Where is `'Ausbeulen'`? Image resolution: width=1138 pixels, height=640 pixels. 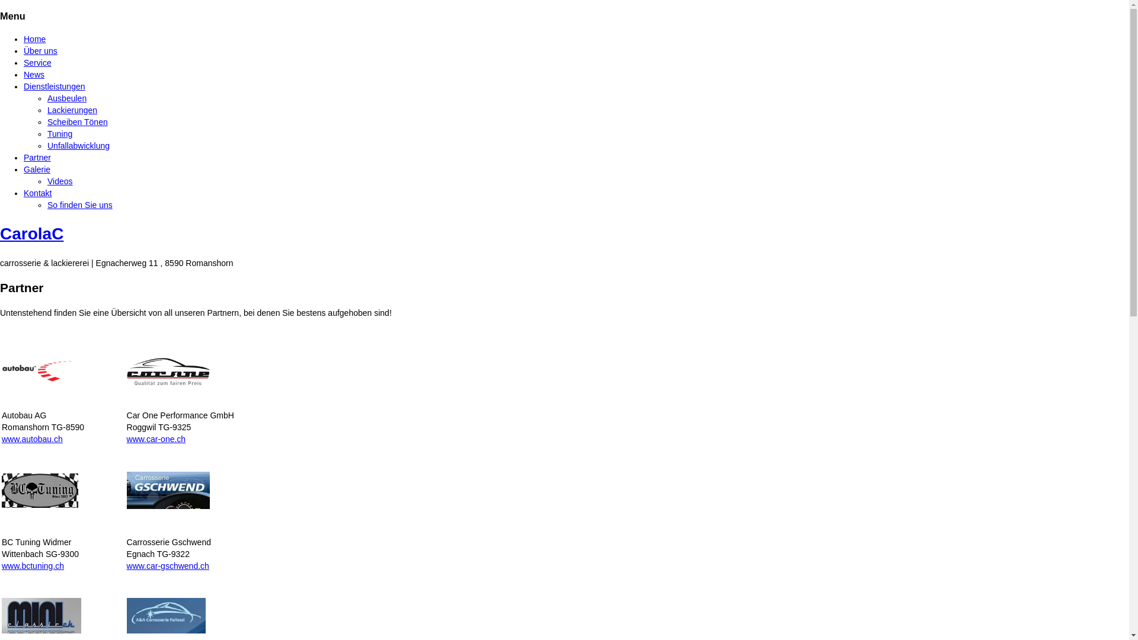 'Ausbeulen' is located at coordinates (66, 97).